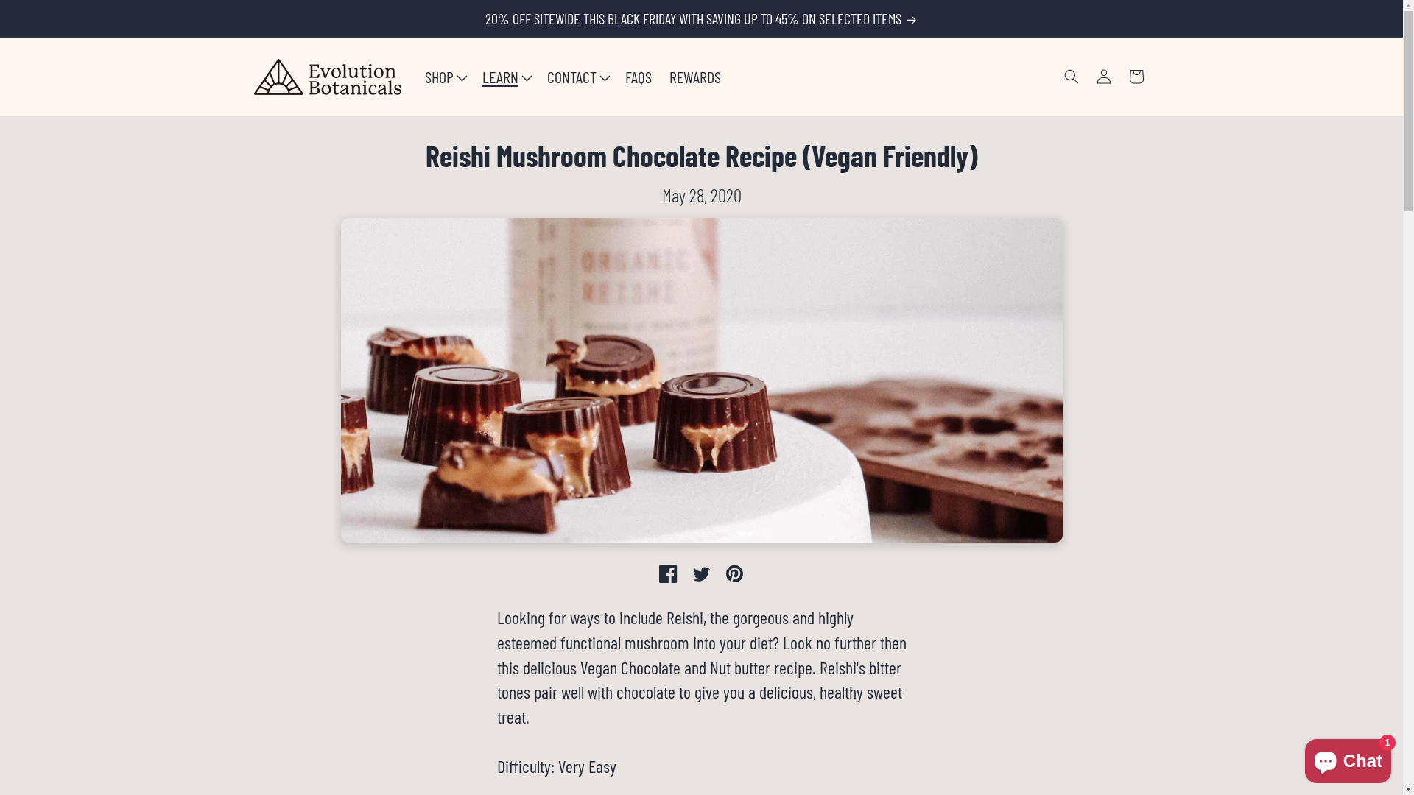 The width and height of the screenshot is (1414, 795). Describe the element at coordinates (660, 77) in the screenshot. I see `'REWARDS'` at that location.